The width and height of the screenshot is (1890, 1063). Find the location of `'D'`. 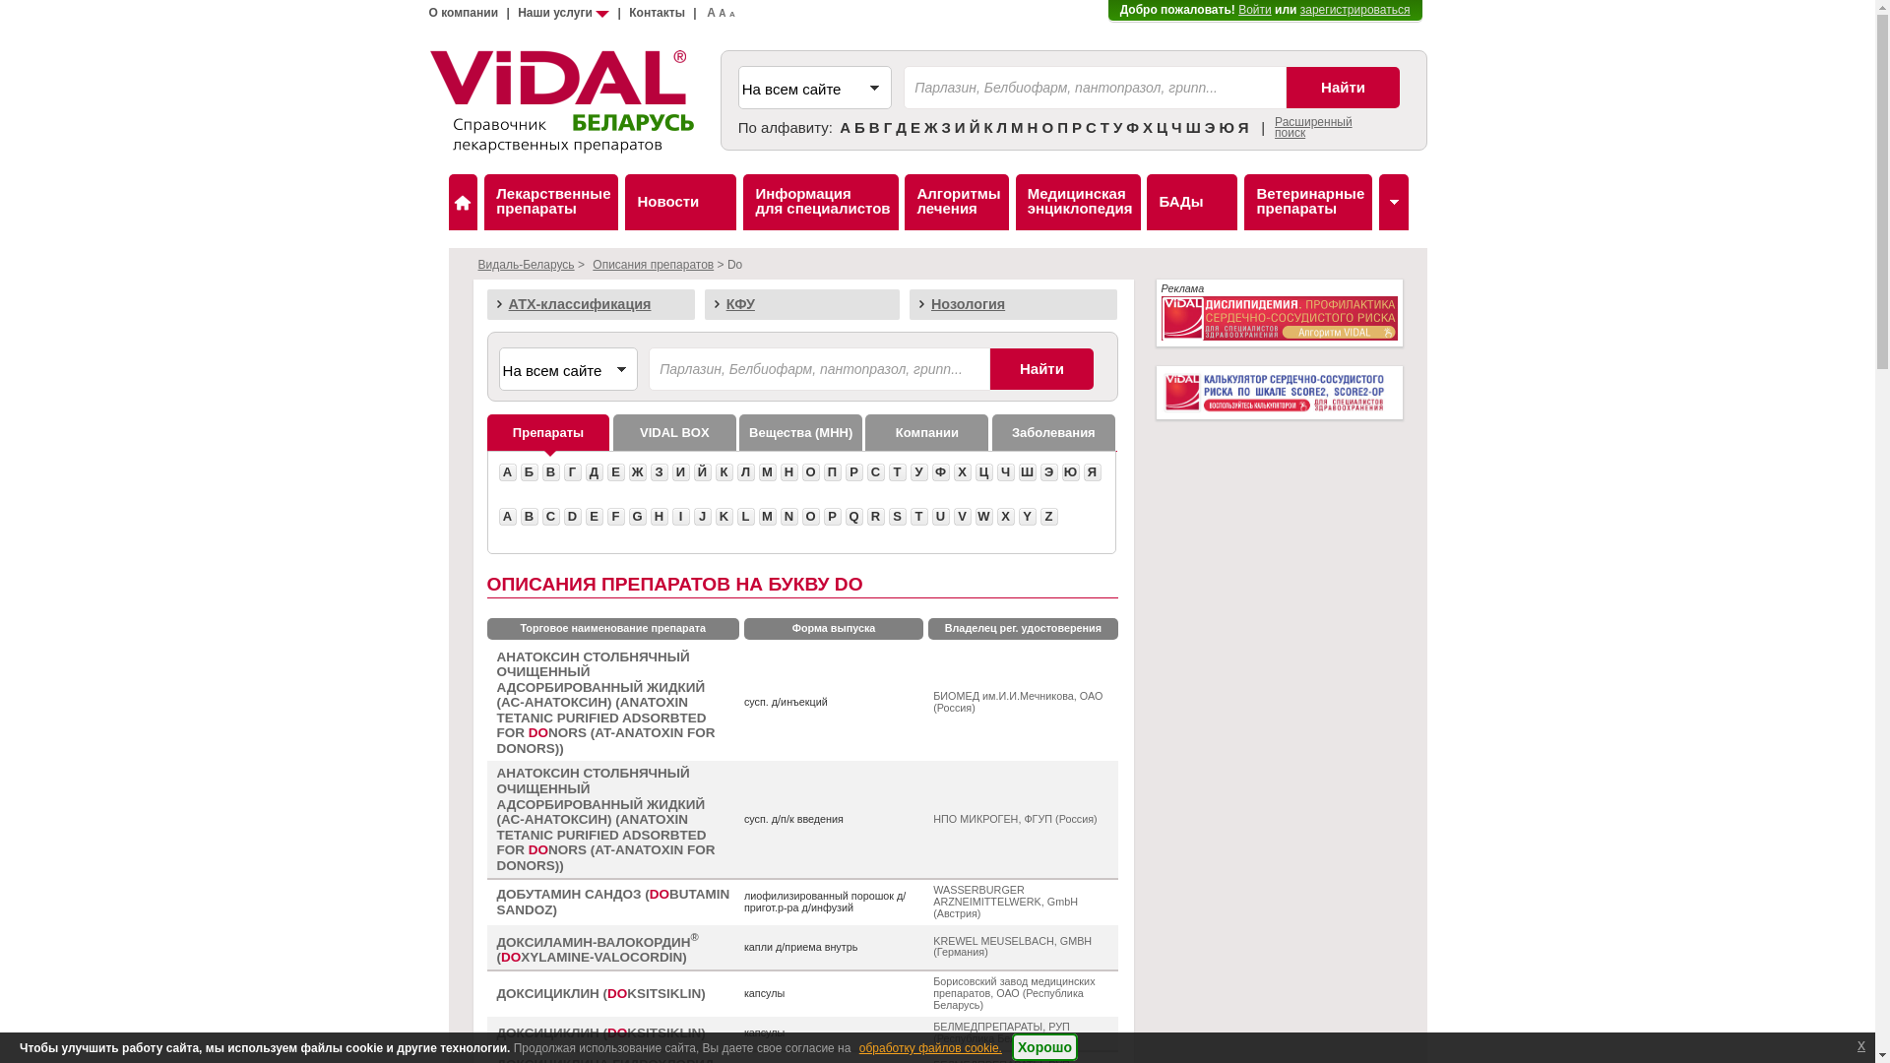

'D' is located at coordinates (561, 515).